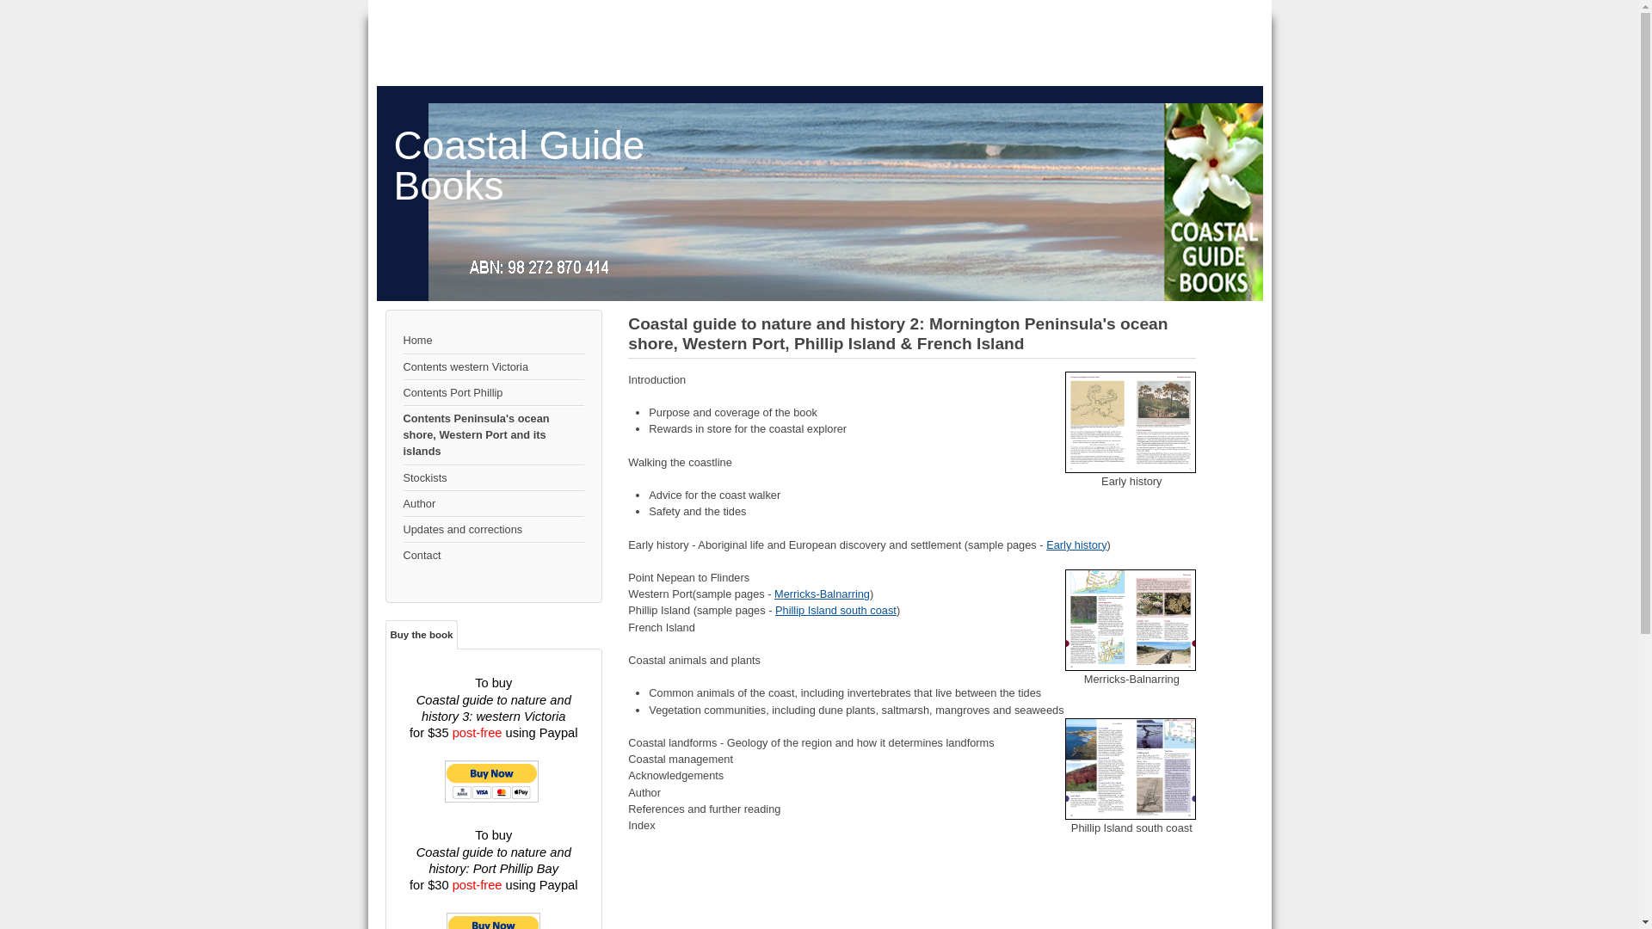  Describe the element at coordinates (492, 392) in the screenshot. I see `'Contents Port Phillip'` at that location.